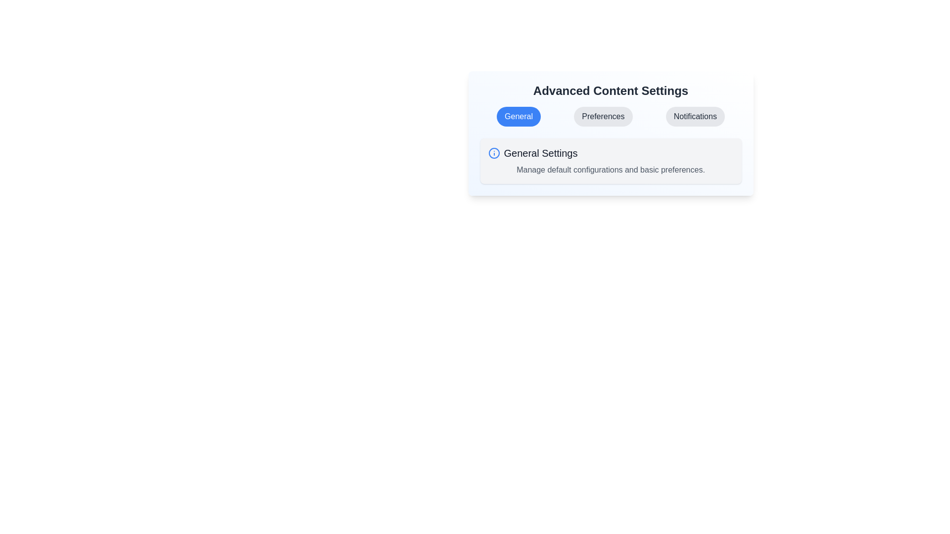  Describe the element at coordinates (603, 116) in the screenshot. I see `the 'Preferences' button, which is the second button in a horizontal alignment between 'General' and 'Notifications'` at that location.